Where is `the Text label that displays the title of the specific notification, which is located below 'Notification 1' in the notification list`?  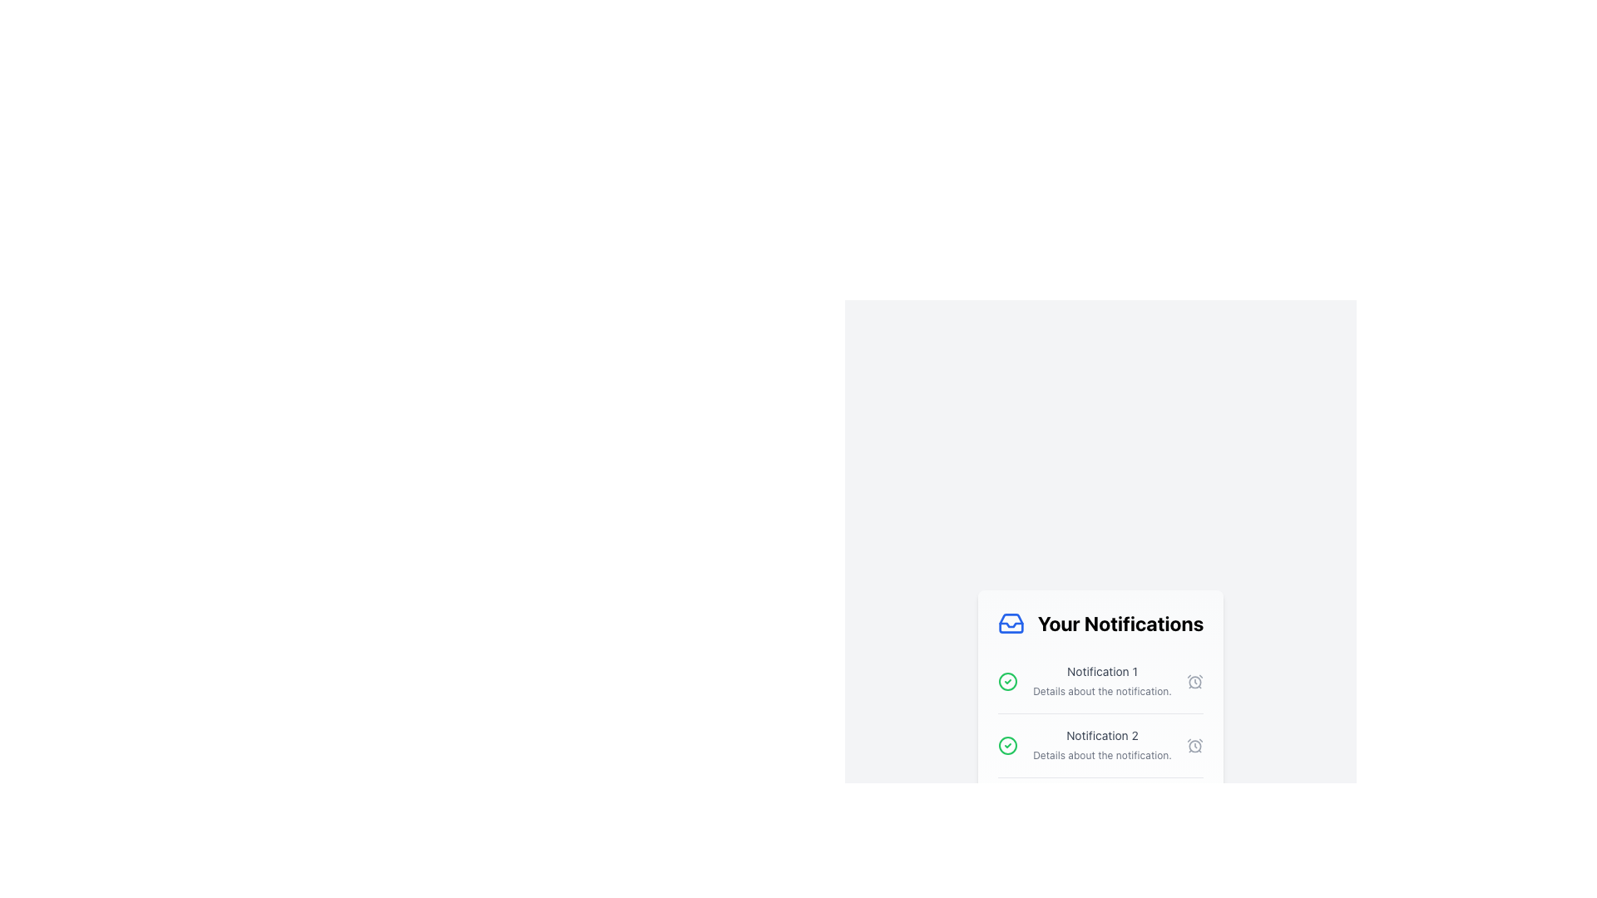
the Text label that displays the title of the specific notification, which is located below 'Notification 1' in the notification list is located at coordinates (1102, 734).